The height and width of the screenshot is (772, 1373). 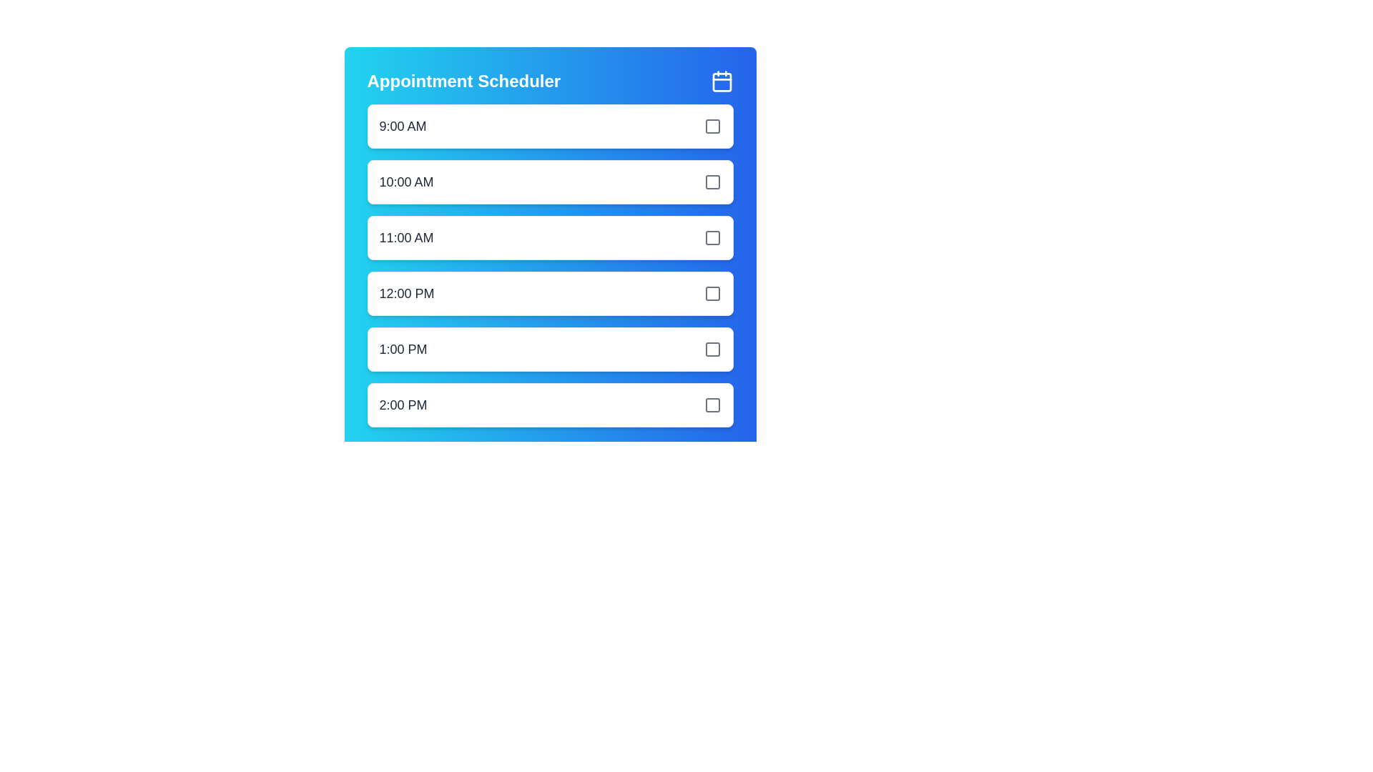 What do you see at coordinates (549, 126) in the screenshot?
I see `the time slot 9:00 AM by clicking on its corresponding interactive element` at bounding box center [549, 126].